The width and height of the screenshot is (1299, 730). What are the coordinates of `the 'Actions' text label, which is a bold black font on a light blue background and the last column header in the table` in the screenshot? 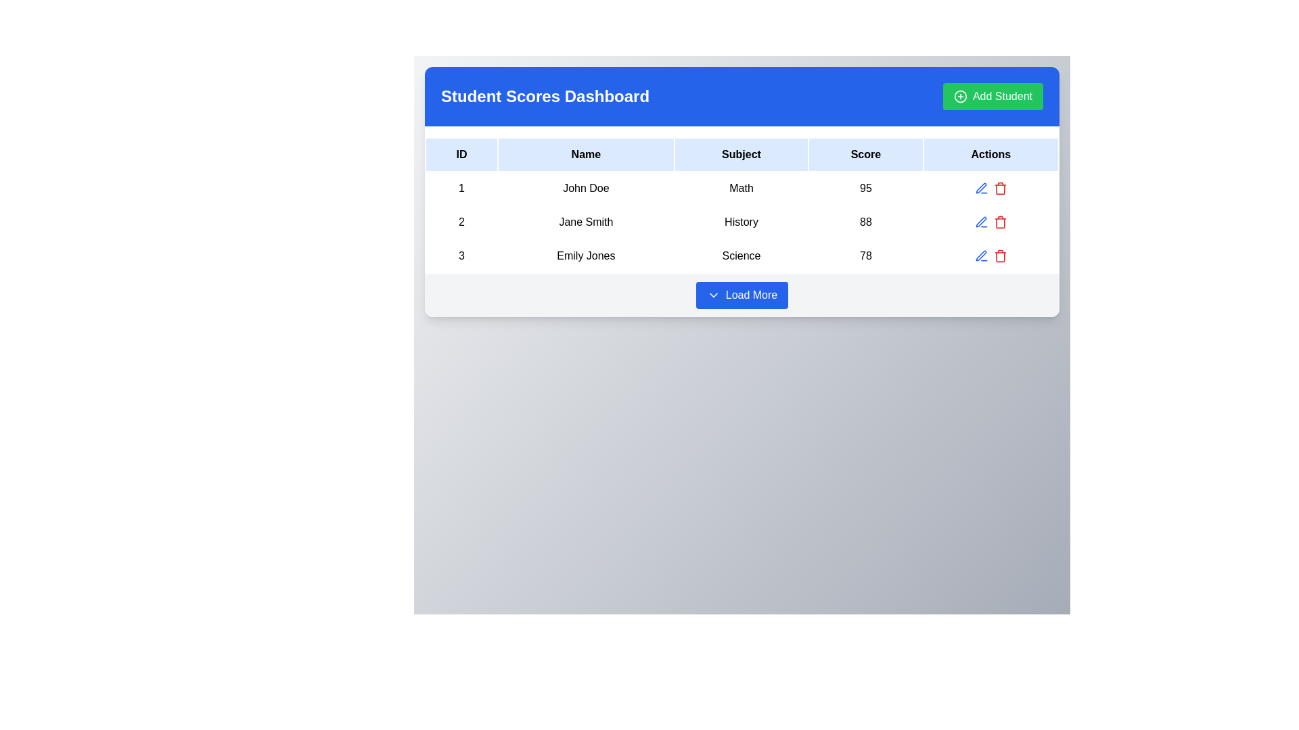 It's located at (990, 153).